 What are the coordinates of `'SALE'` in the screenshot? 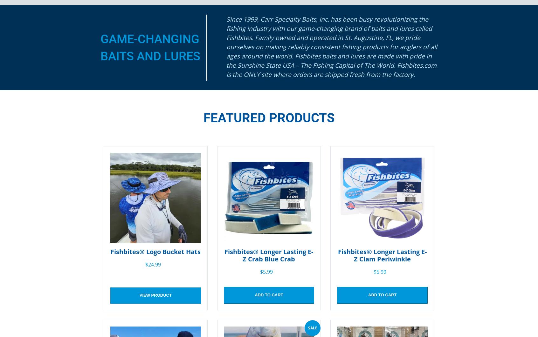 It's located at (312, 327).